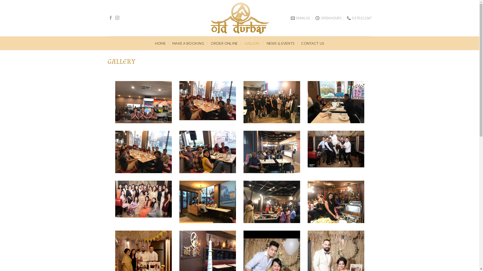 Image resolution: width=483 pixels, height=271 pixels. Describe the element at coordinates (108, 18) in the screenshot. I see `'Follow on Facebook'` at that location.